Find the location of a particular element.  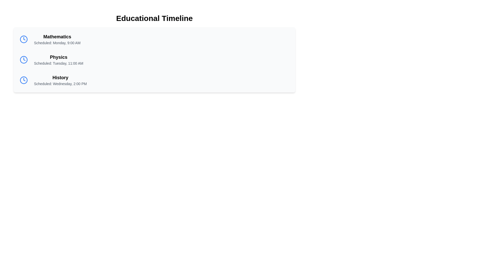

the text label that provides the scheduled timing for the 'Mathematics' event, located below the bold title 'Mathematics' is located at coordinates (57, 43).